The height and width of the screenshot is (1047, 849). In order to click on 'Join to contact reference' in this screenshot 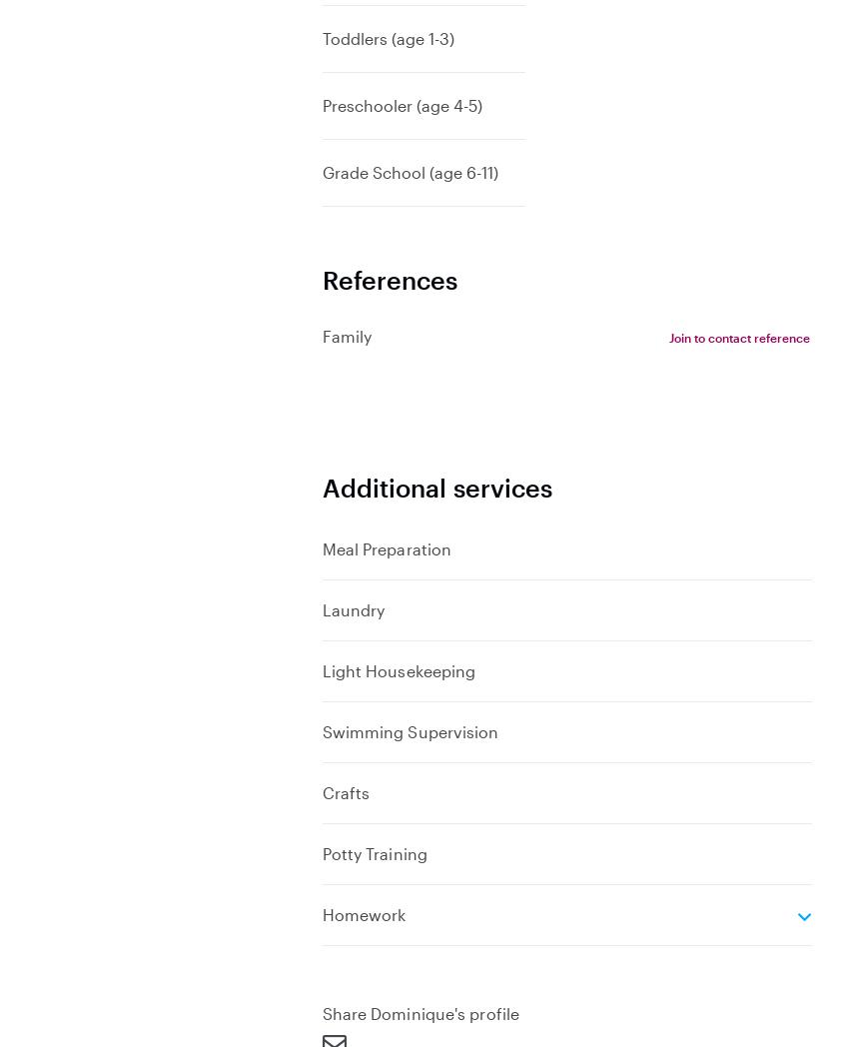, I will do `click(738, 337)`.